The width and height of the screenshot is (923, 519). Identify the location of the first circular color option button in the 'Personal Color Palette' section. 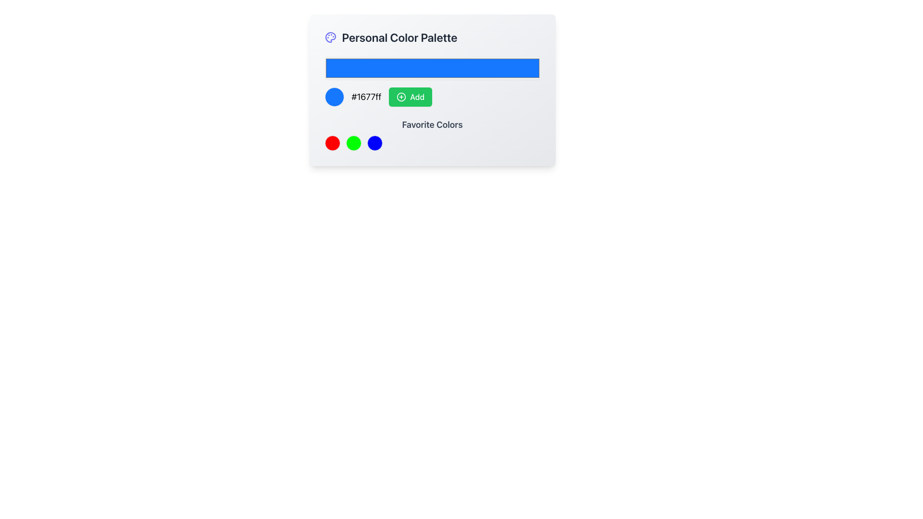
(332, 143).